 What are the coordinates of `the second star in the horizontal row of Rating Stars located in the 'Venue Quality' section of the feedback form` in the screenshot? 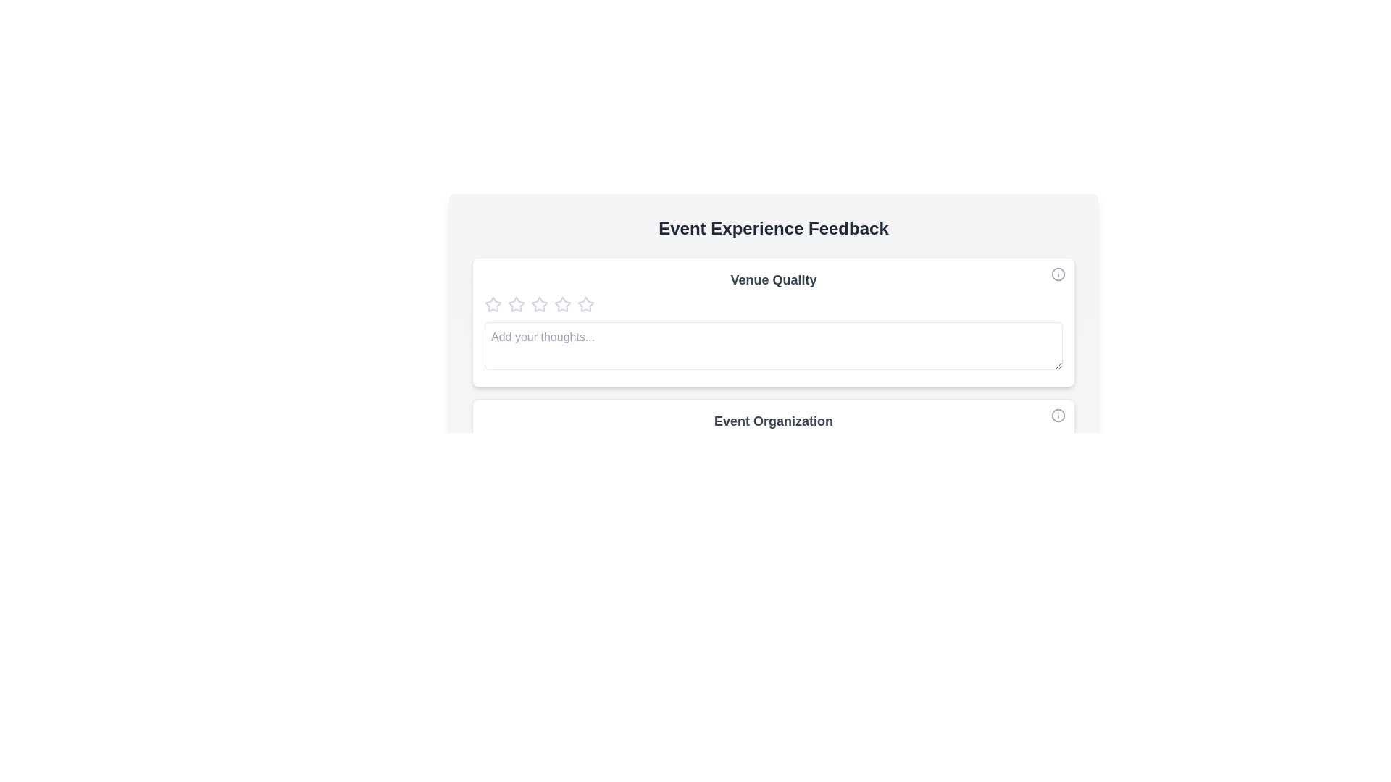 It's located at (515, 303).